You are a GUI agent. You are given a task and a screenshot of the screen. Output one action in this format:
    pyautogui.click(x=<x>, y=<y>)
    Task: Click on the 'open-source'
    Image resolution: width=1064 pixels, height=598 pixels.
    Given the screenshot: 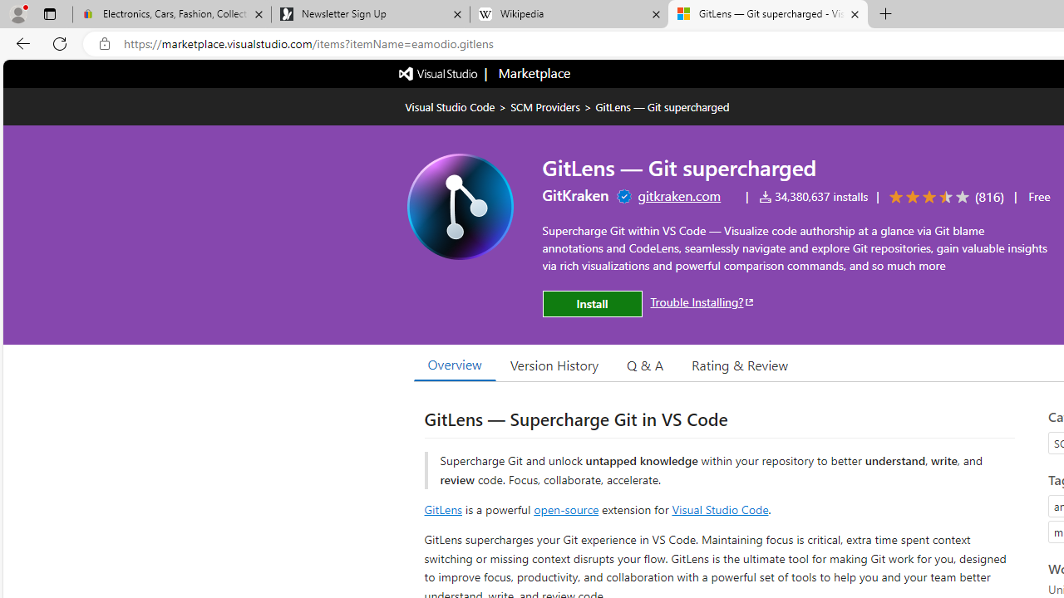 What is the action you would take?
    pyautogui.click(x=566, y=508)
    